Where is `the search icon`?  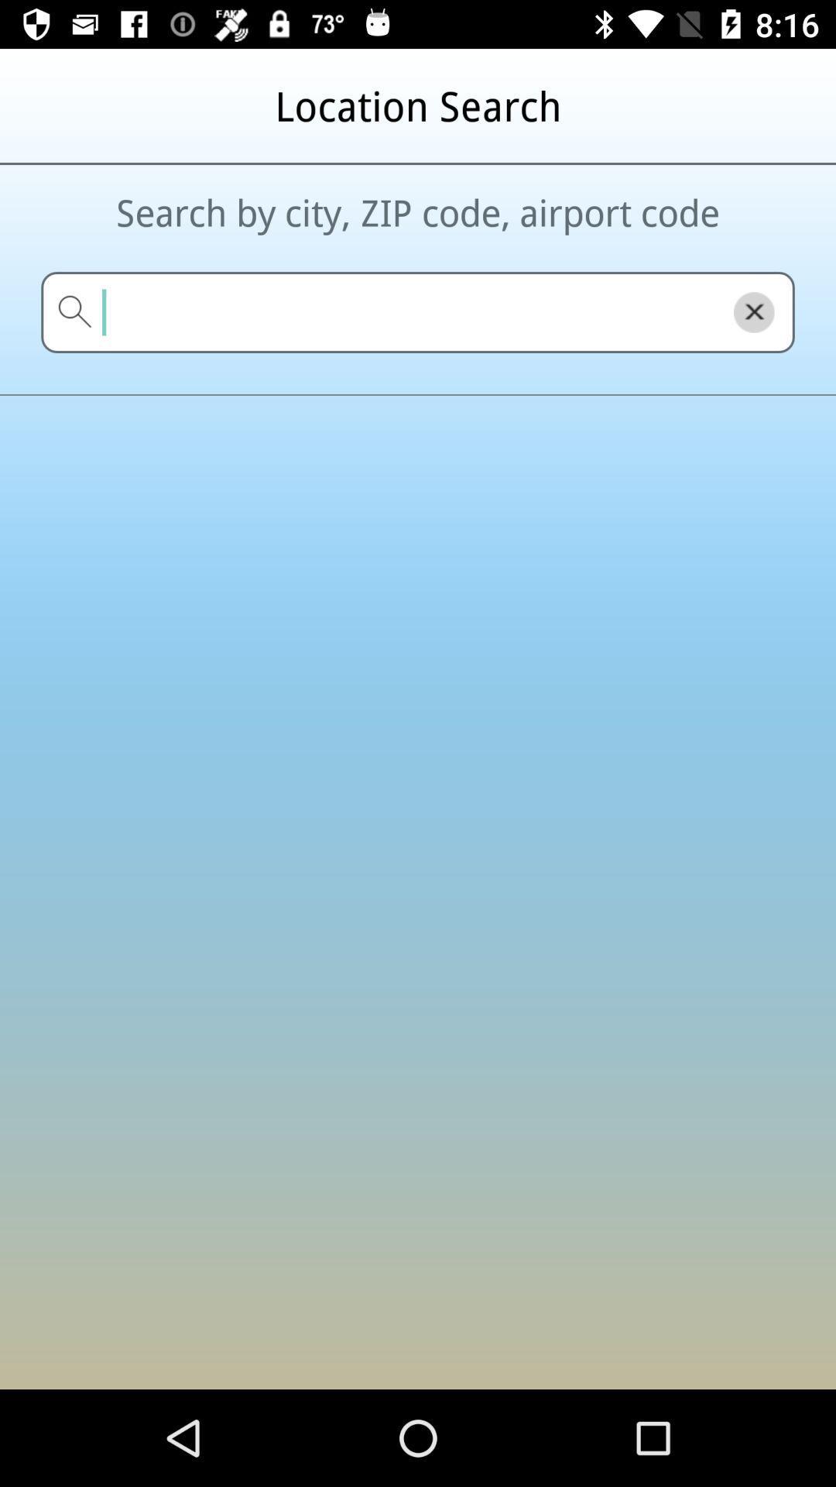 the search icon is located at coordinates (75, 311).